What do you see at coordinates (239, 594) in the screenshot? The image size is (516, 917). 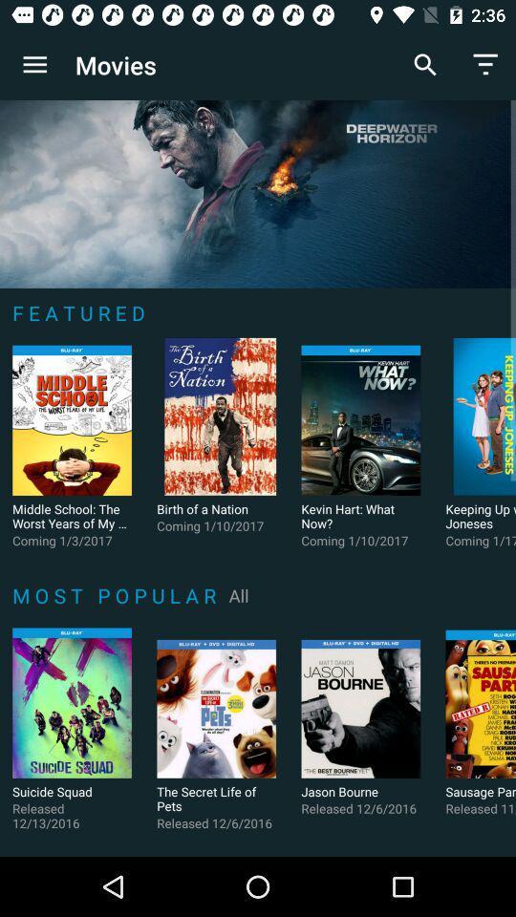 I see `the item below coming 1 10` at bounding box center [239, 594].